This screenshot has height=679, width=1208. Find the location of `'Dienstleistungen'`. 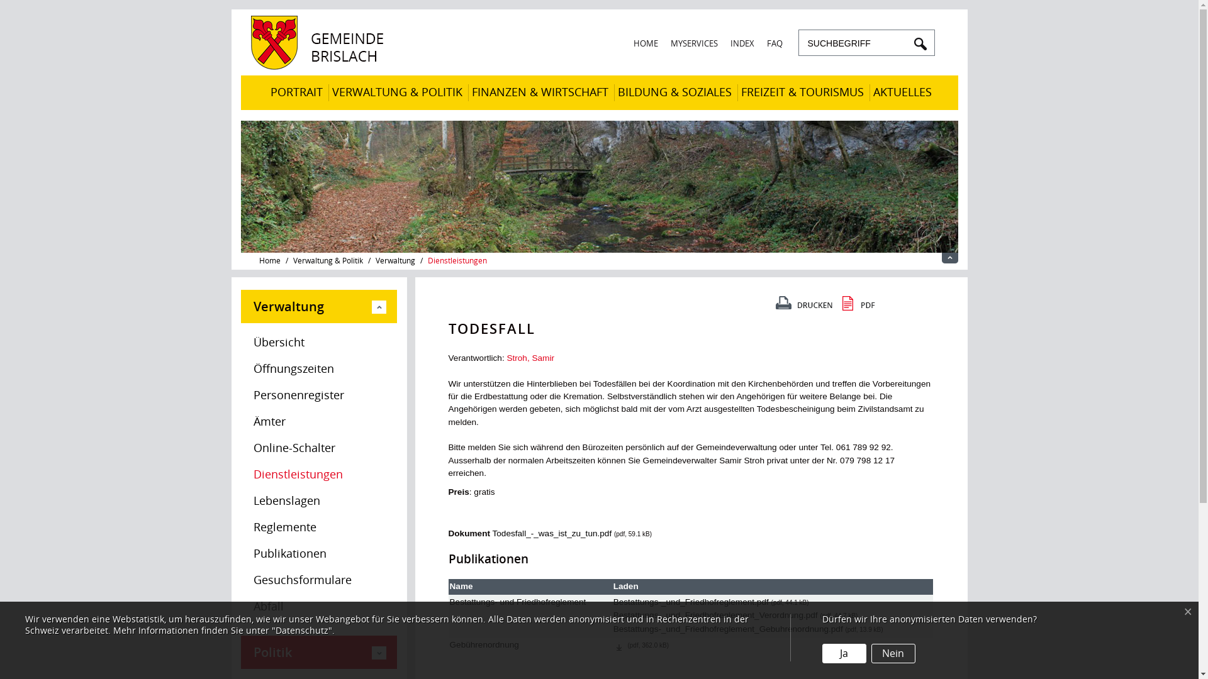

'Dienstleistungen' is located at coordinates (456, 260).